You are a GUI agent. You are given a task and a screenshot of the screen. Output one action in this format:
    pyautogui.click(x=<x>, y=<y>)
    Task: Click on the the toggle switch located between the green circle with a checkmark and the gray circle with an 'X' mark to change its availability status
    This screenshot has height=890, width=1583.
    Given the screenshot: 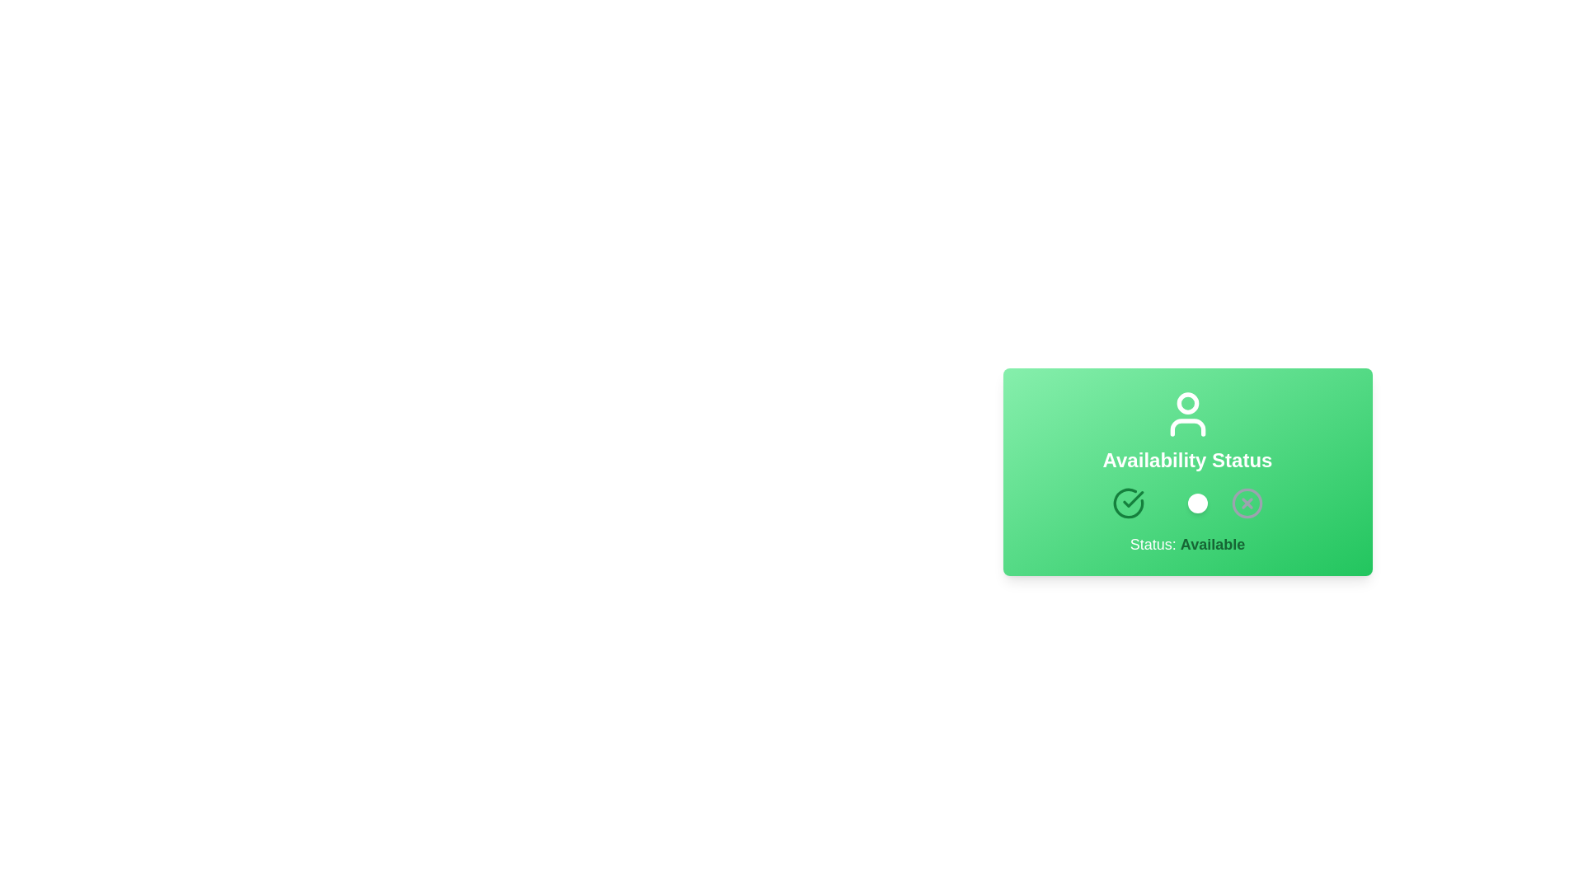 What is the action you would take?
    pyautogui.click(x=1187, y=502)
    